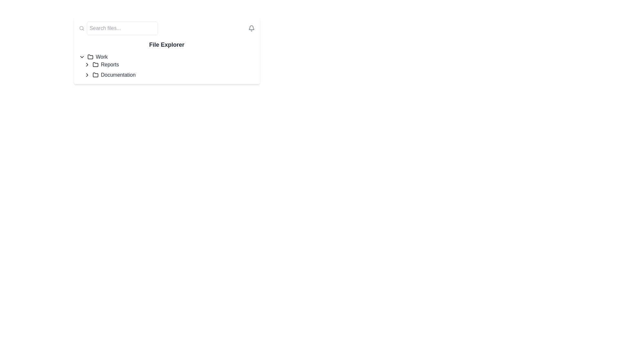  Describe the element at coordinates (87, 64) in the screenshot. I see `the right-pointing chevron arrow icon located next to the 'Reports' folder label` at that location.